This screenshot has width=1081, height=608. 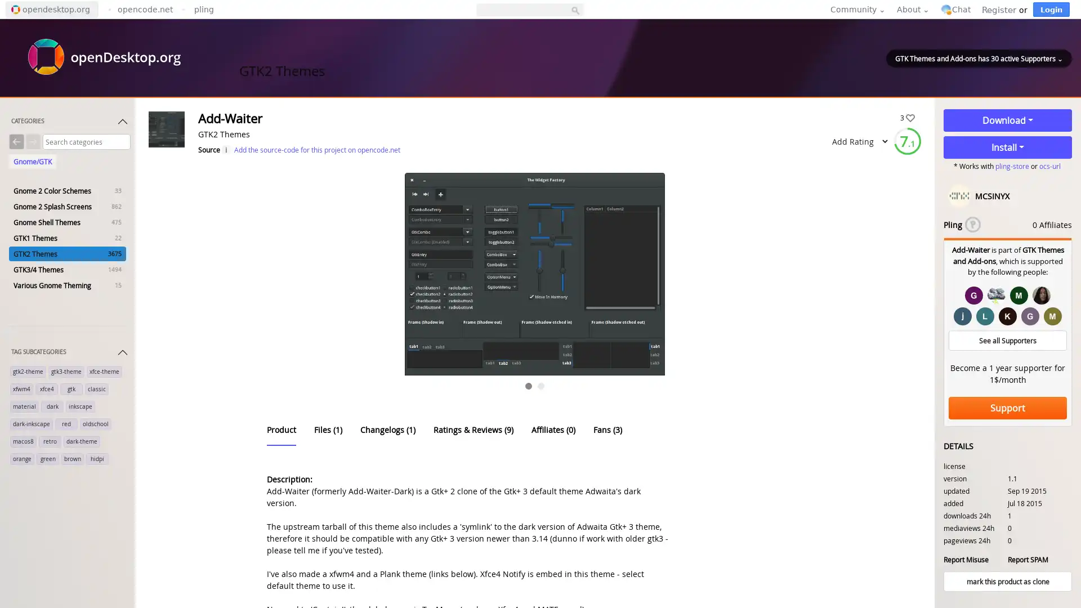 I want to click on mark this product as clone, so click(x=1008, y=581).